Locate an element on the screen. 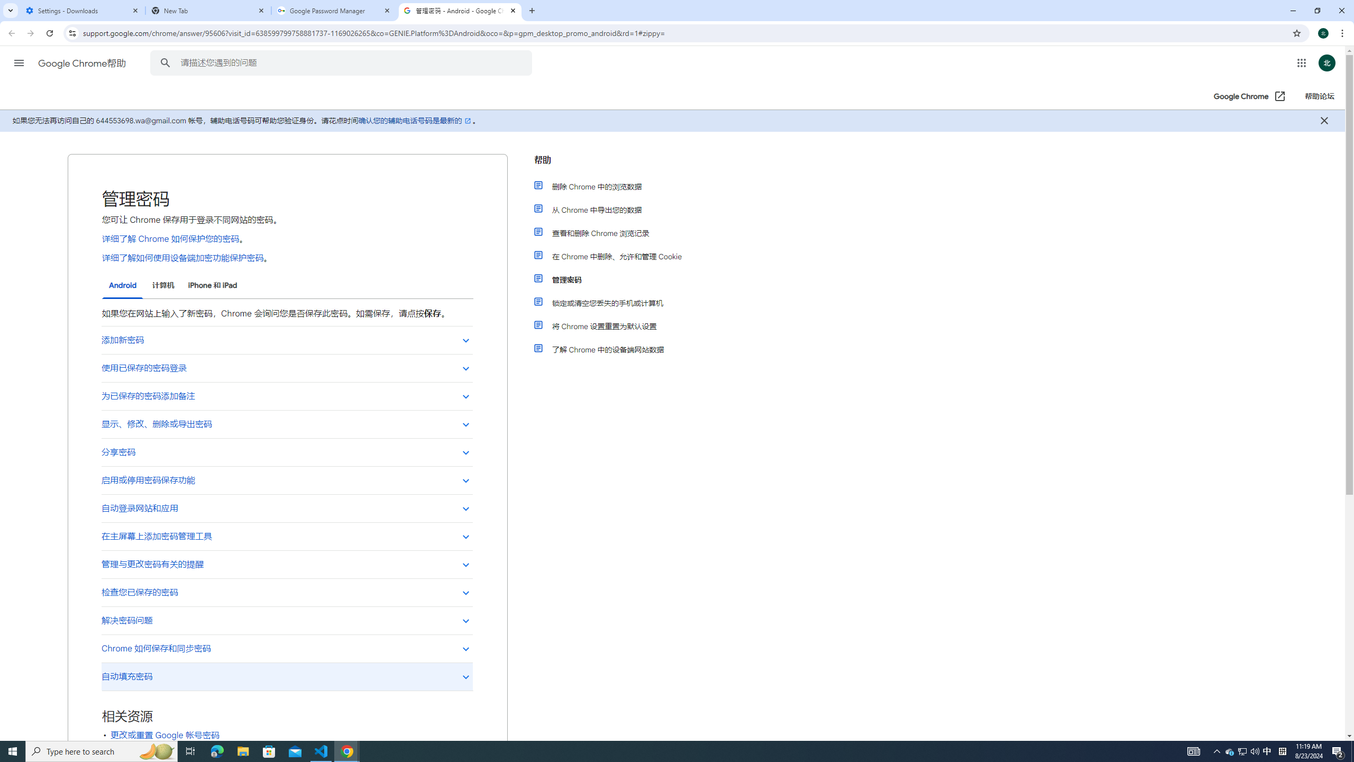 The image size is (1354, 762). 'Settings - Downloads' is located at coordinates (82, 10).